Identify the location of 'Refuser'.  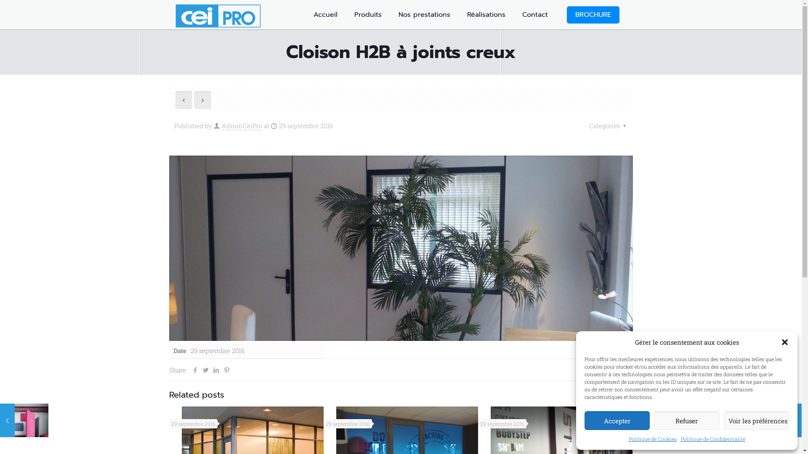
(686, 420).